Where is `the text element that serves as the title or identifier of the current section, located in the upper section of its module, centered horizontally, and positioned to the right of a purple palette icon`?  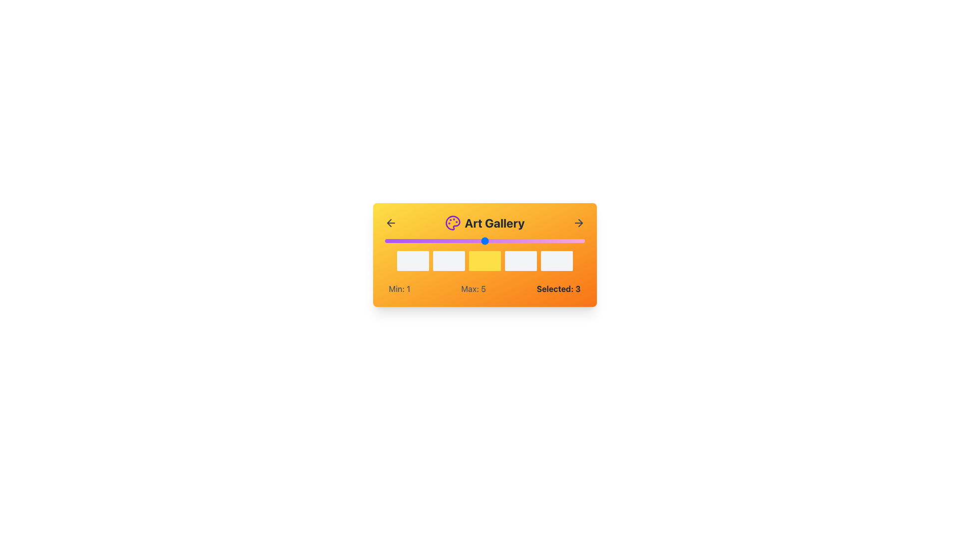 the text element that serves as the title or identifier of the current section, located in the upper section of its module, centered horizontally, and positioned to the right of a purple palette icon is located at coordinates (484, 223).